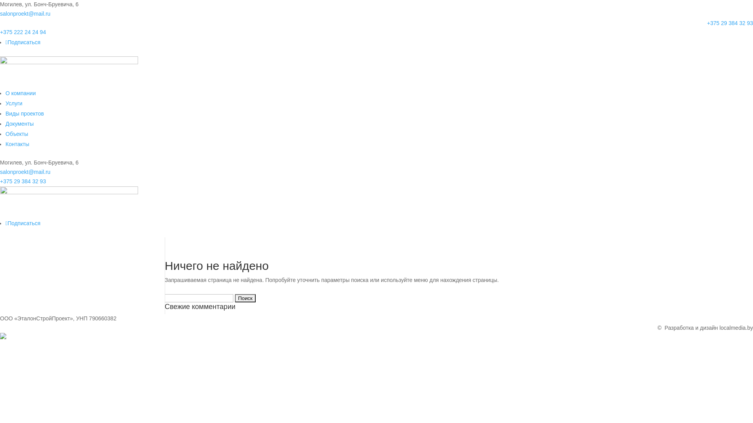 The image size is (753, 423). Describe the element at coordinates (23, 181) in the screenshot. I see `'+375 29 384 32 93'` at that location.